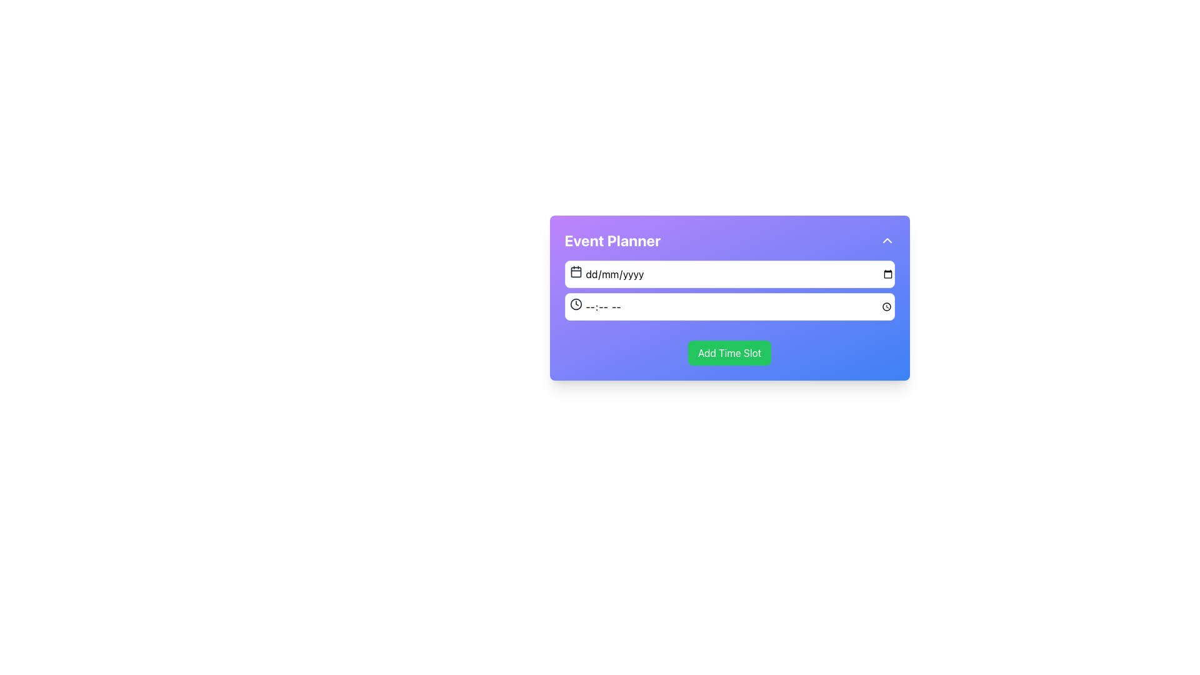 The width and height of the screenshot is (1200, 675). What do you see at coordinates (729, 291) in the screenshot?
I see `the time input field of the Composite input field for scheduling, located beneath the 'Event Planner' title and above the 'Add Time Slot' button` at bounding box center [729, 291].